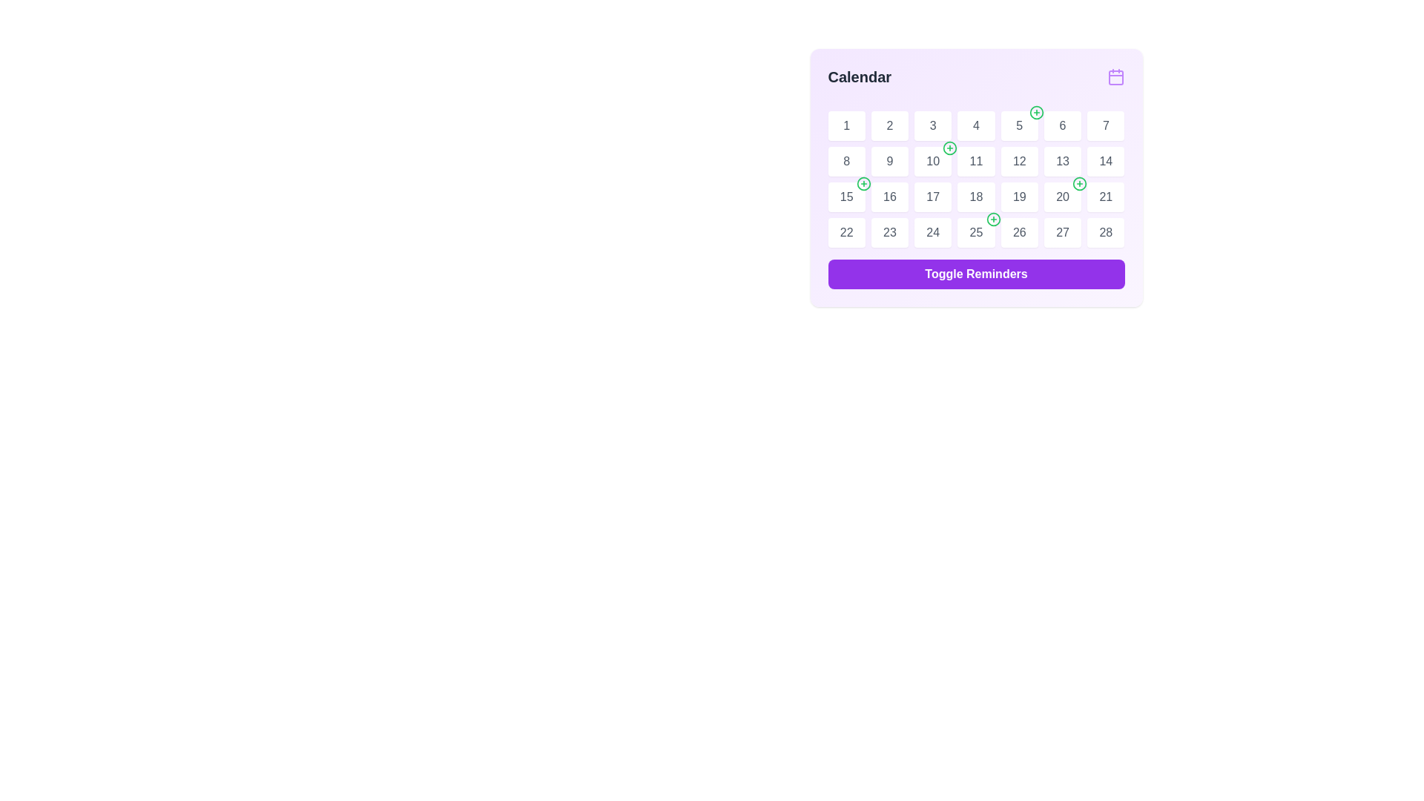 The width and height of the screenshot is (1424, 801). What do you see at coordinates (890, 196) in the screenshot?
I see `the text label representing the 16th day` at bounding box center [890, 196].